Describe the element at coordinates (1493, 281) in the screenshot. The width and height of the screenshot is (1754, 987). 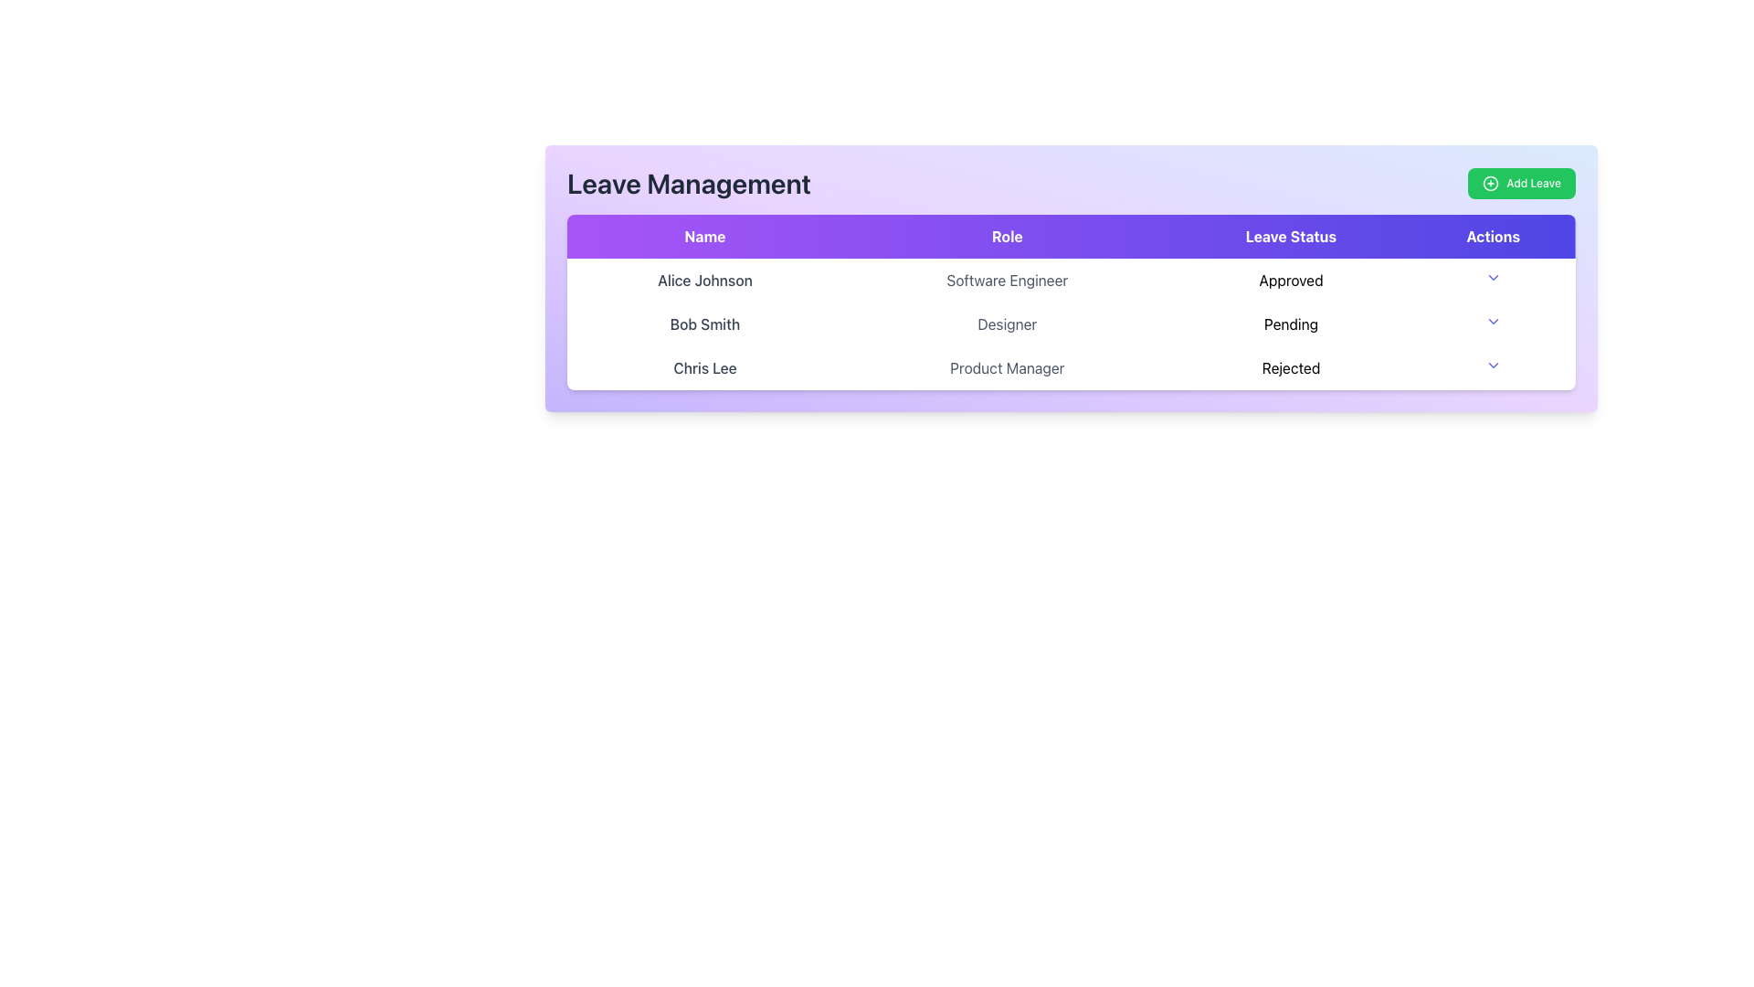
I see `the downward-facing blue chevron icon in the 'Actions' column of the first row` at that location.